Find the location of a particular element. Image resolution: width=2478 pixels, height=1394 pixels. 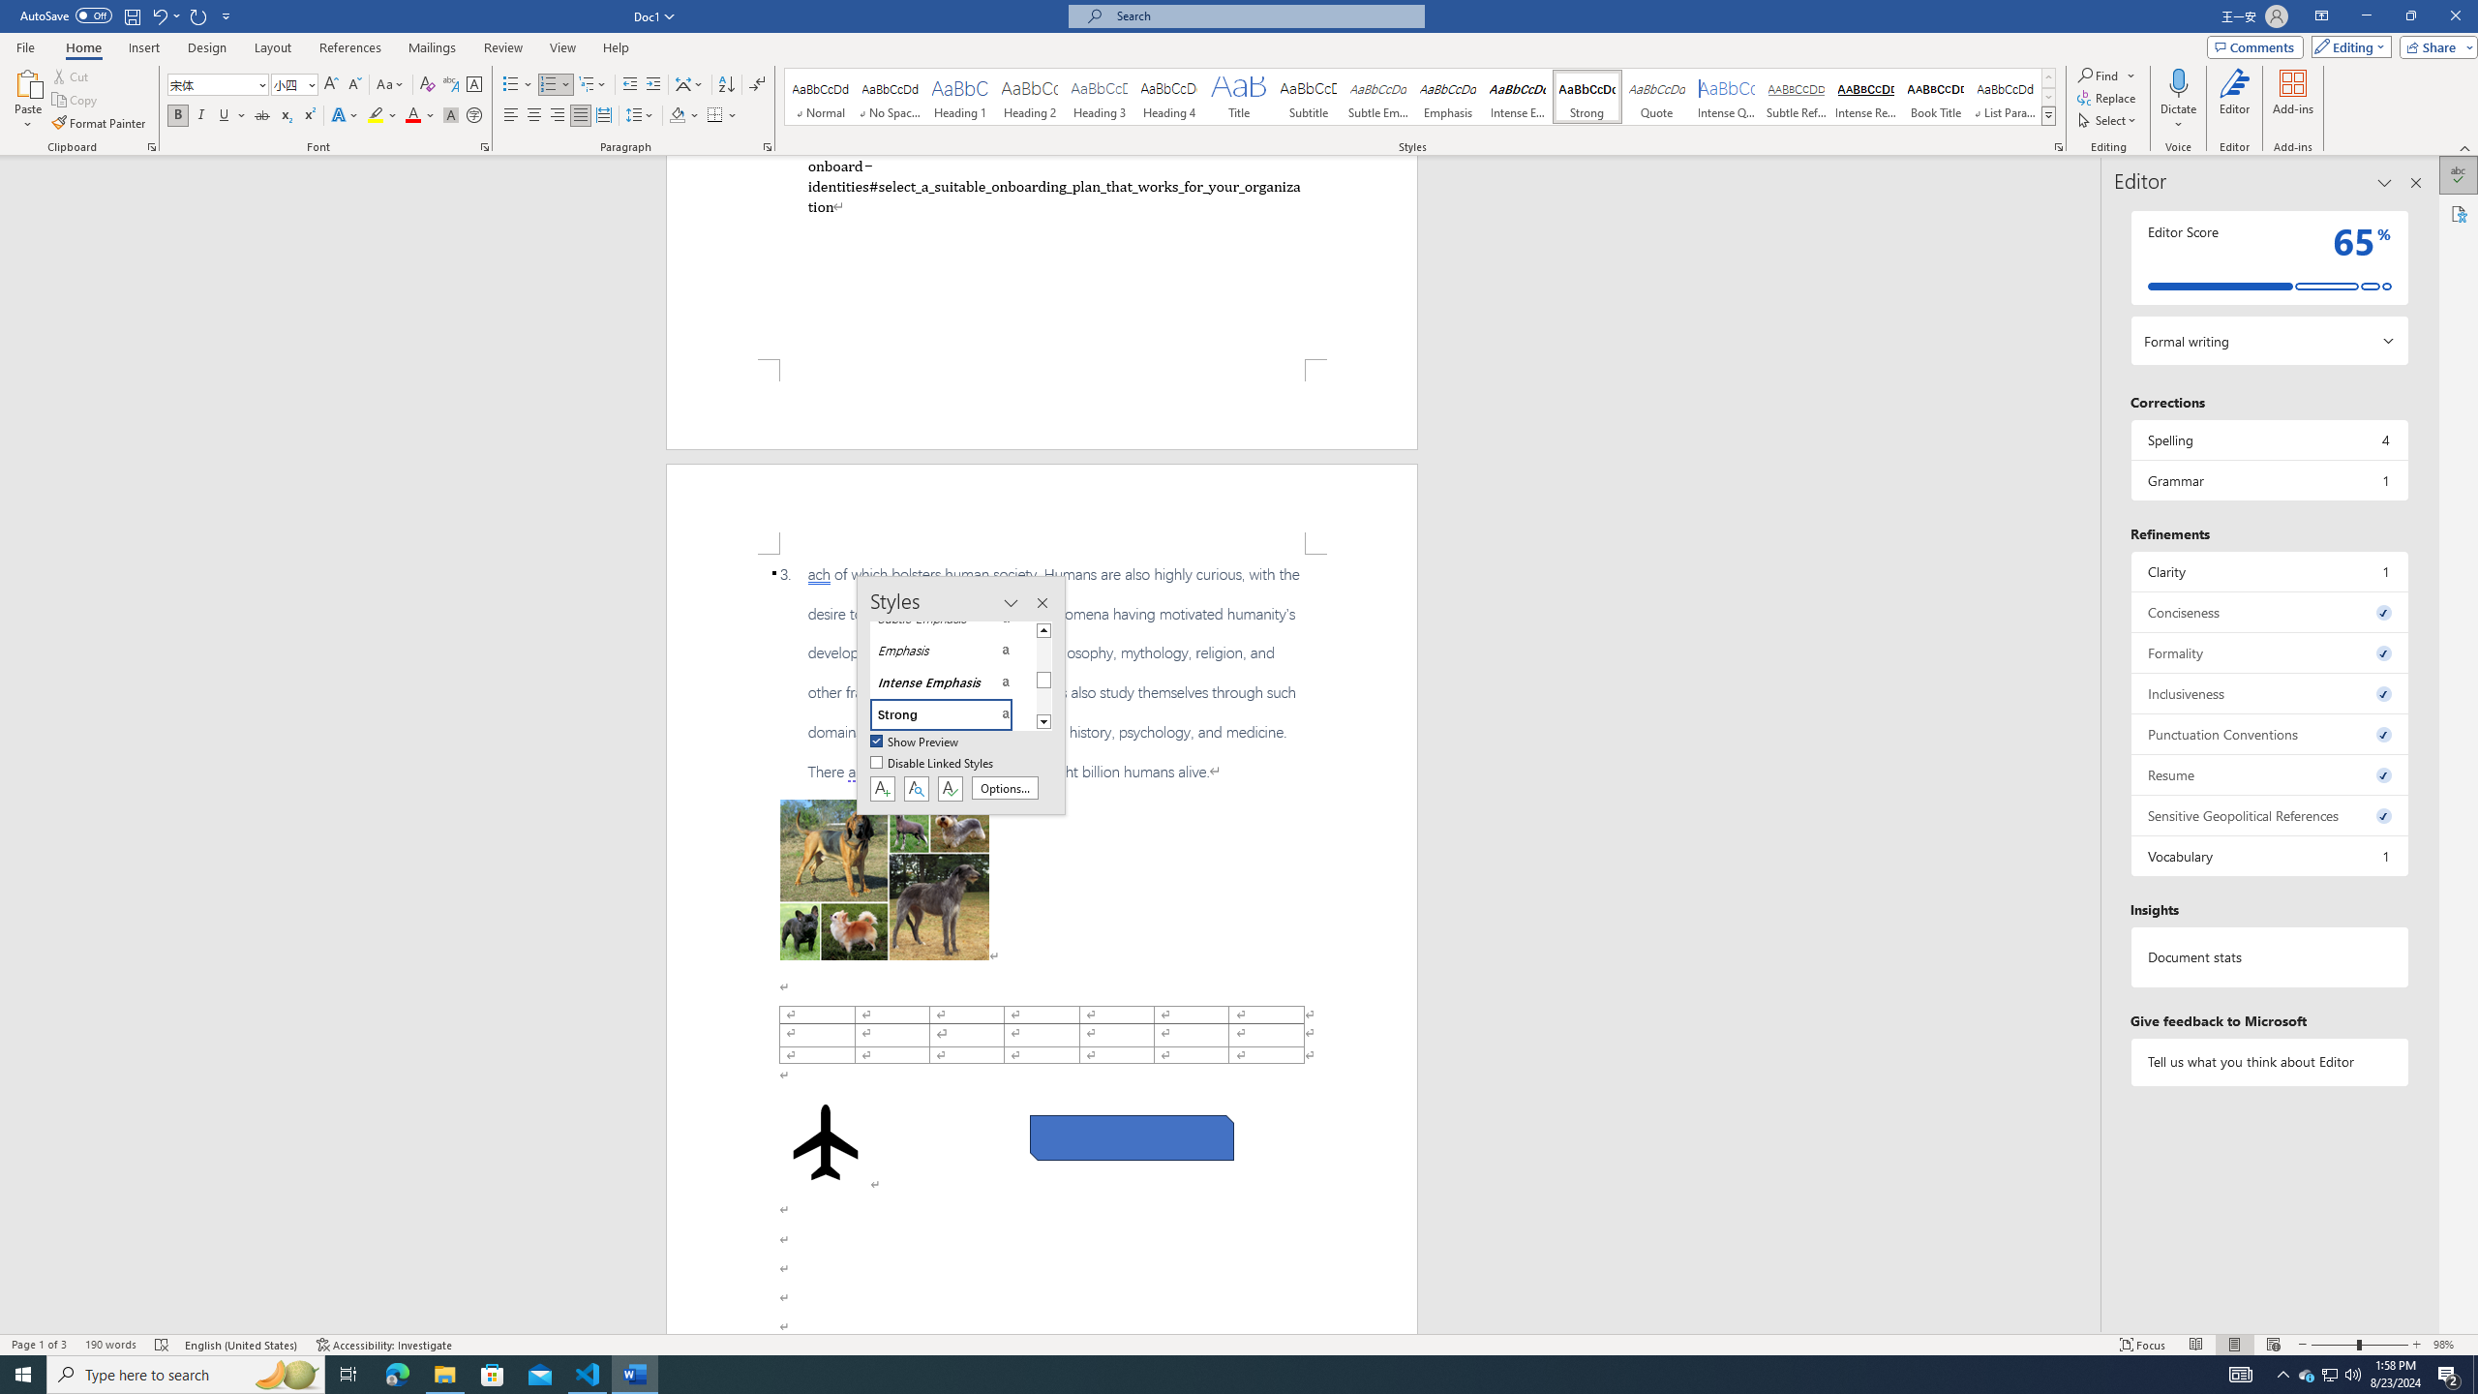

'Grammar, 1 issue. Press space or enter to review items.' is located at coordinates (2268, 479).